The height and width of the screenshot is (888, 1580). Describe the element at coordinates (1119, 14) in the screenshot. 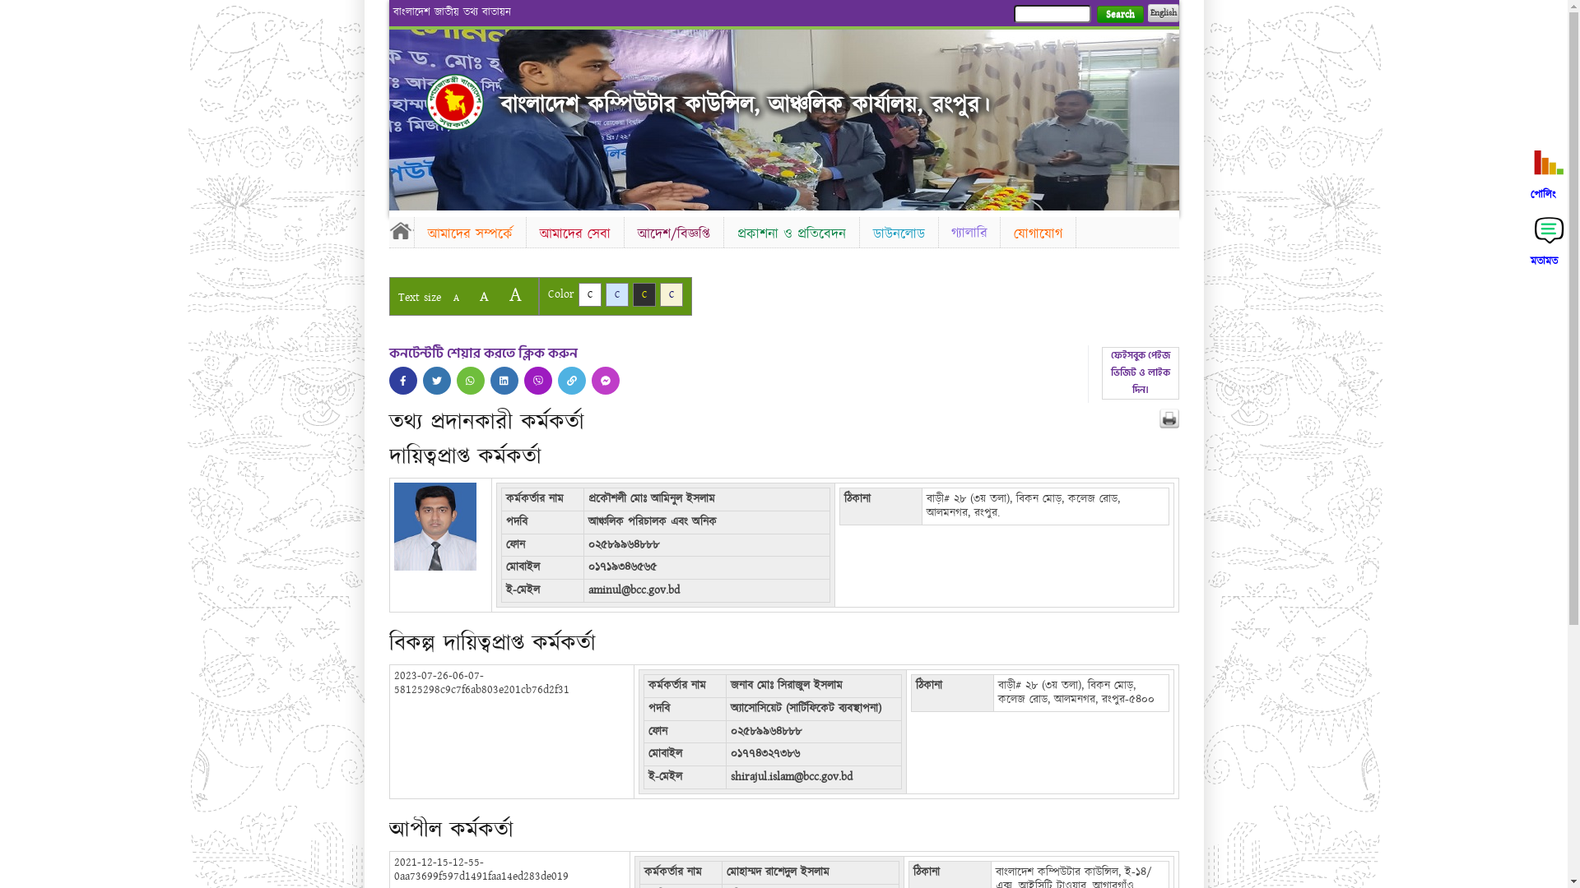

I see `'Search'` at that location.